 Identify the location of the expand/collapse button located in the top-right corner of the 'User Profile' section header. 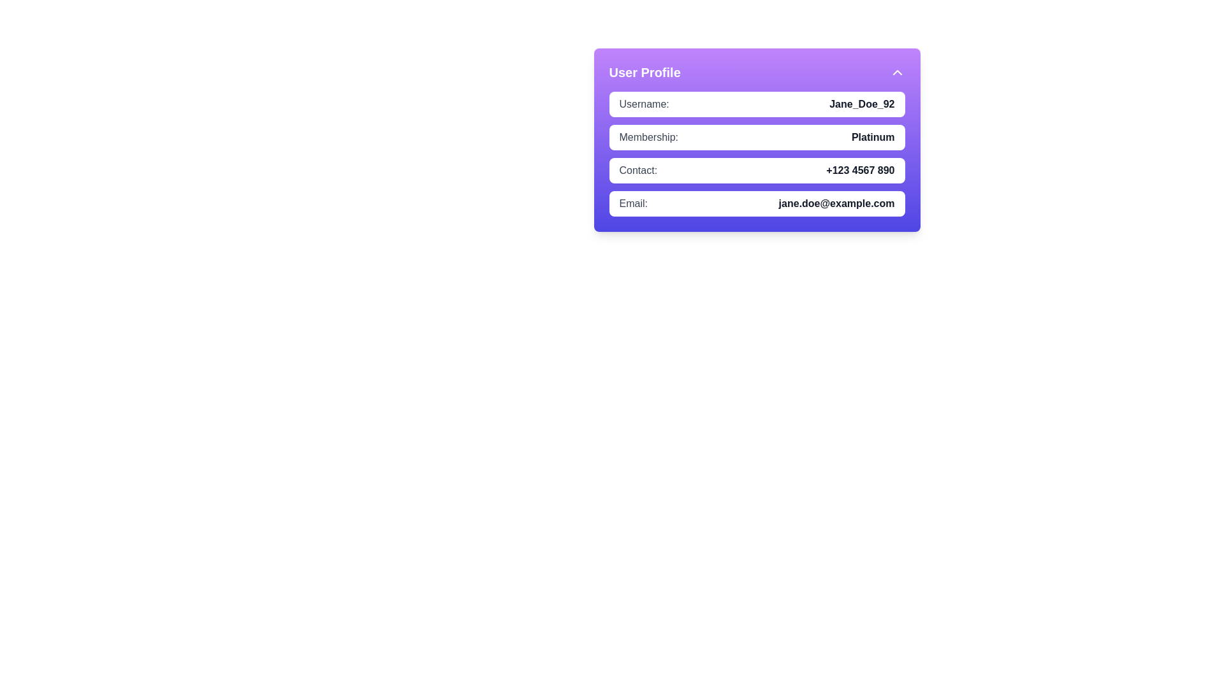
(896, 73).